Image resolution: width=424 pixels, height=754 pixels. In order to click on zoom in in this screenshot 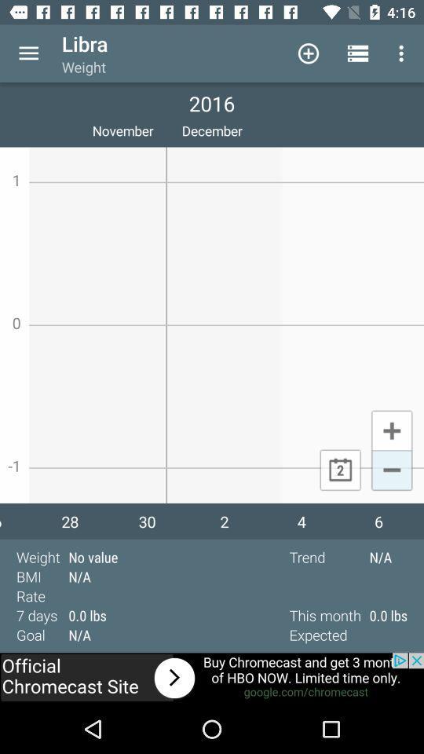, I will do `click(391, 430)`.